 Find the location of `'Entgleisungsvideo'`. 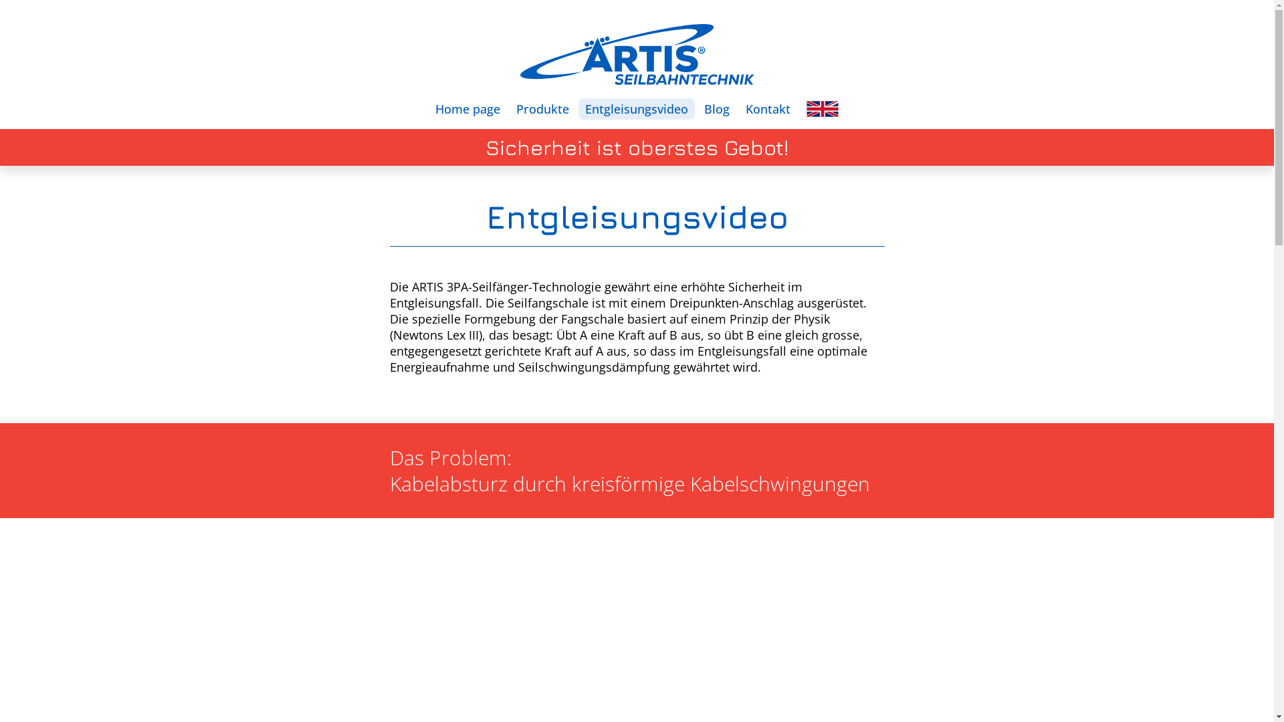

'Entgleisungsvideo' is located at coordinates (635, 108).